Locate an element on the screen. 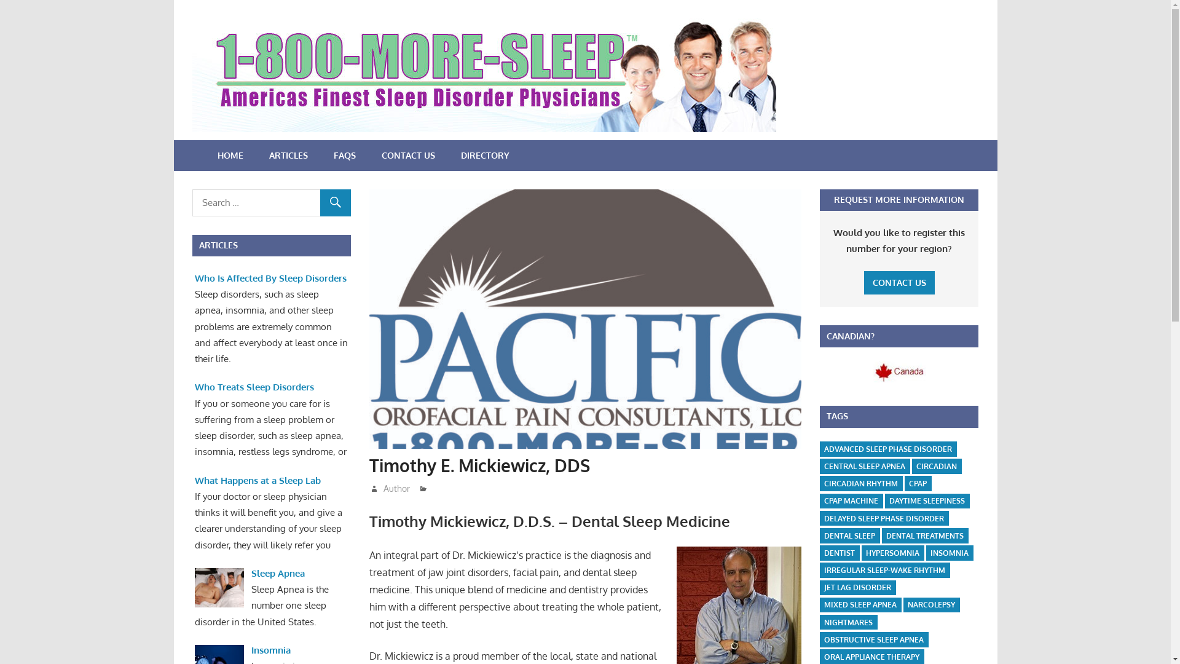  'What Happens at a Sleep Lab' is located at coordinates (257, 480).